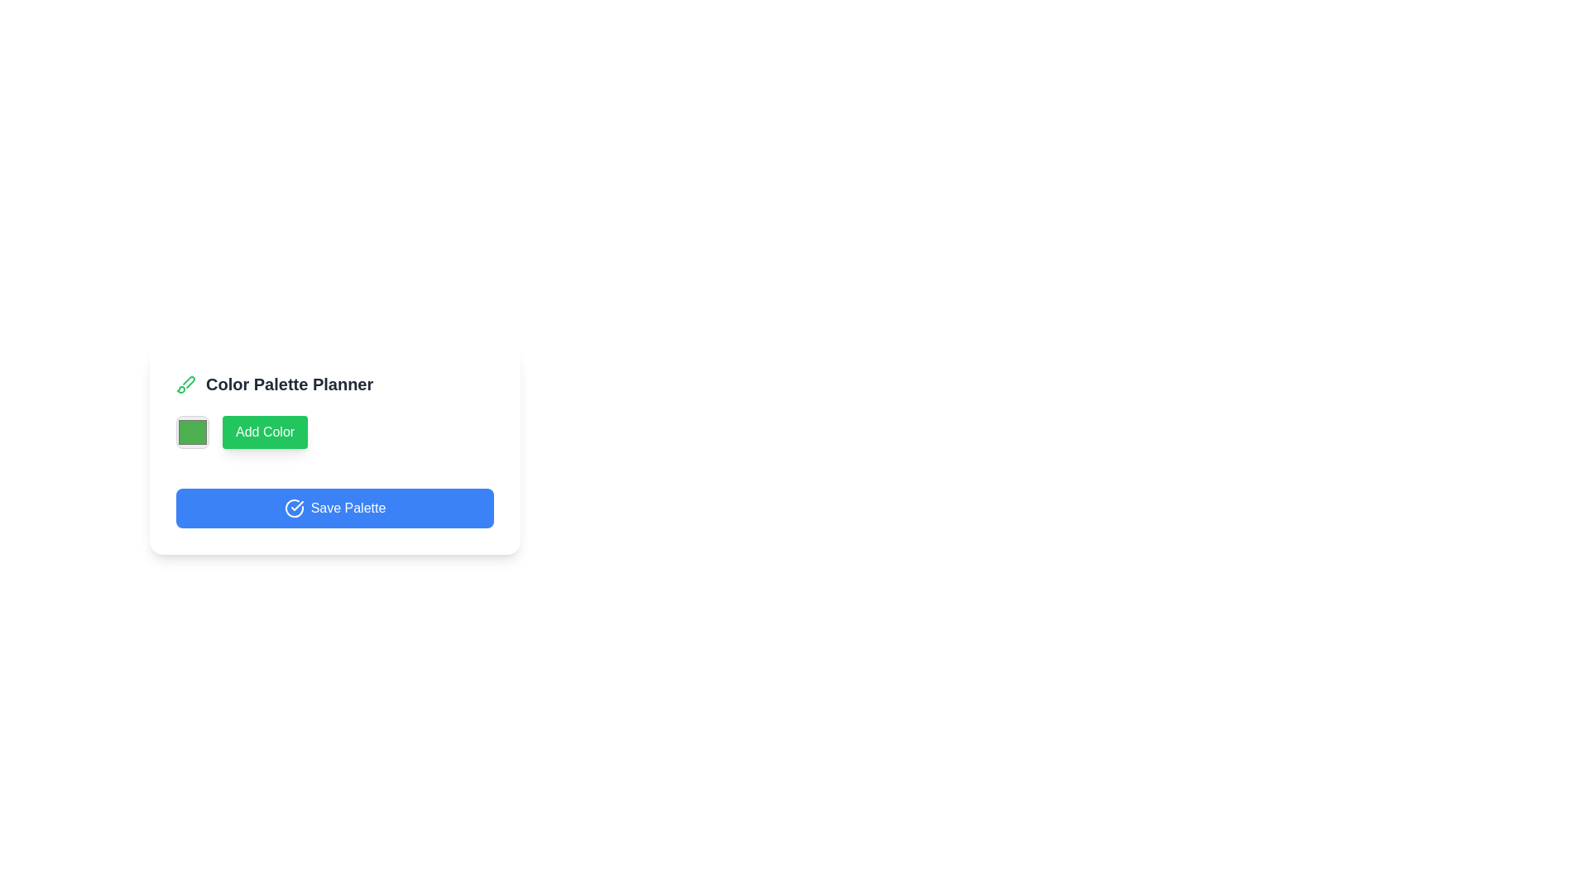  What do you see at coordinates (294, 507) in the screenshot?
I see `the circular check mark icon within the 'Save Palette' button for accessibility` at bounding box center [294, 507].